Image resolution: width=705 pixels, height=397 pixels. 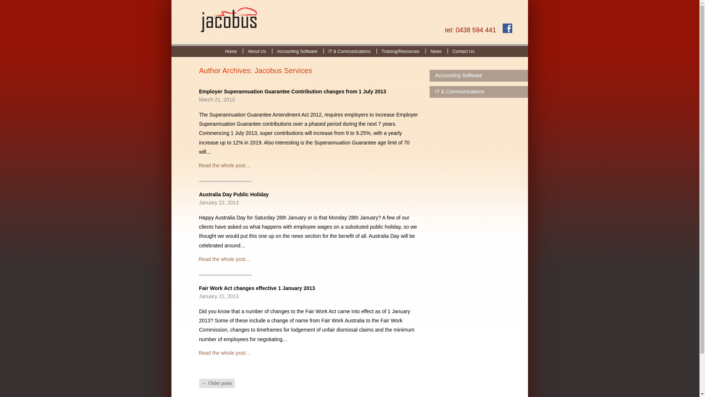 I want to click on 'Contact Us', so click(x=463, y=51).